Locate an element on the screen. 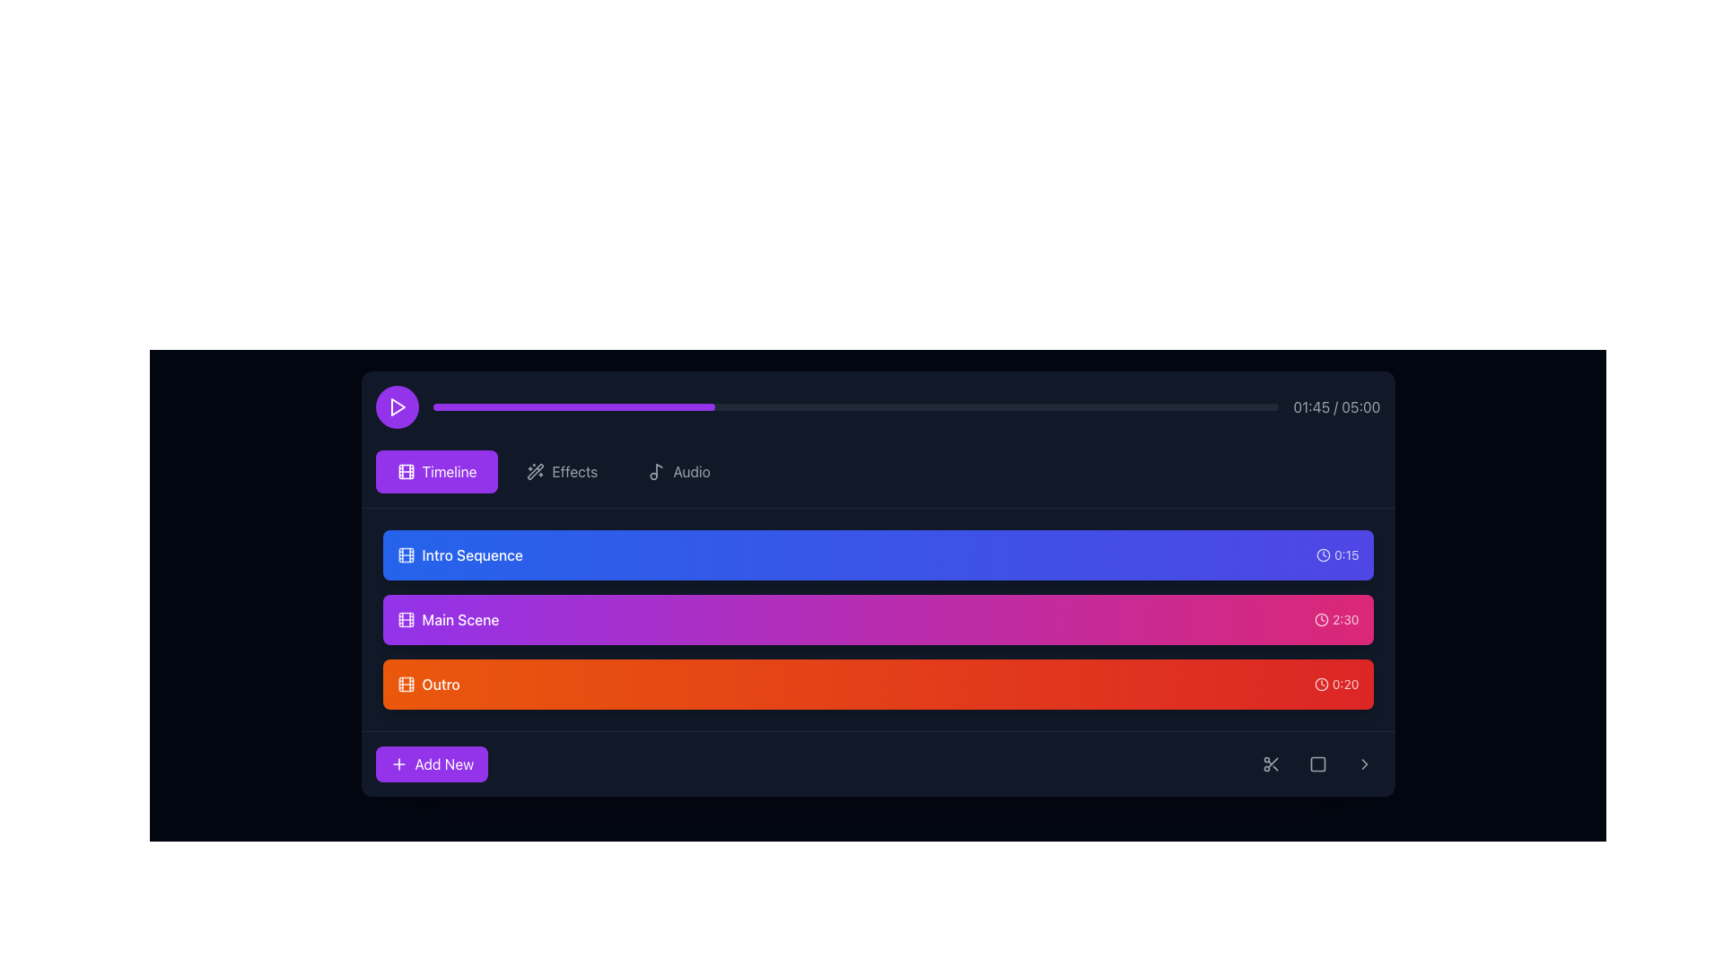 This screenshot has width=1723, height=969. the clock icon located in the 'Outro' section, which is a decorative vector graphic with two clock hands and a circular outline, positioned to the left of the text '2:30' is located at coordinates (1322, 618).